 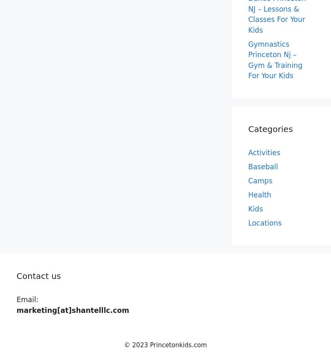 I want to click on 'Health', so click(x=259, y=194).